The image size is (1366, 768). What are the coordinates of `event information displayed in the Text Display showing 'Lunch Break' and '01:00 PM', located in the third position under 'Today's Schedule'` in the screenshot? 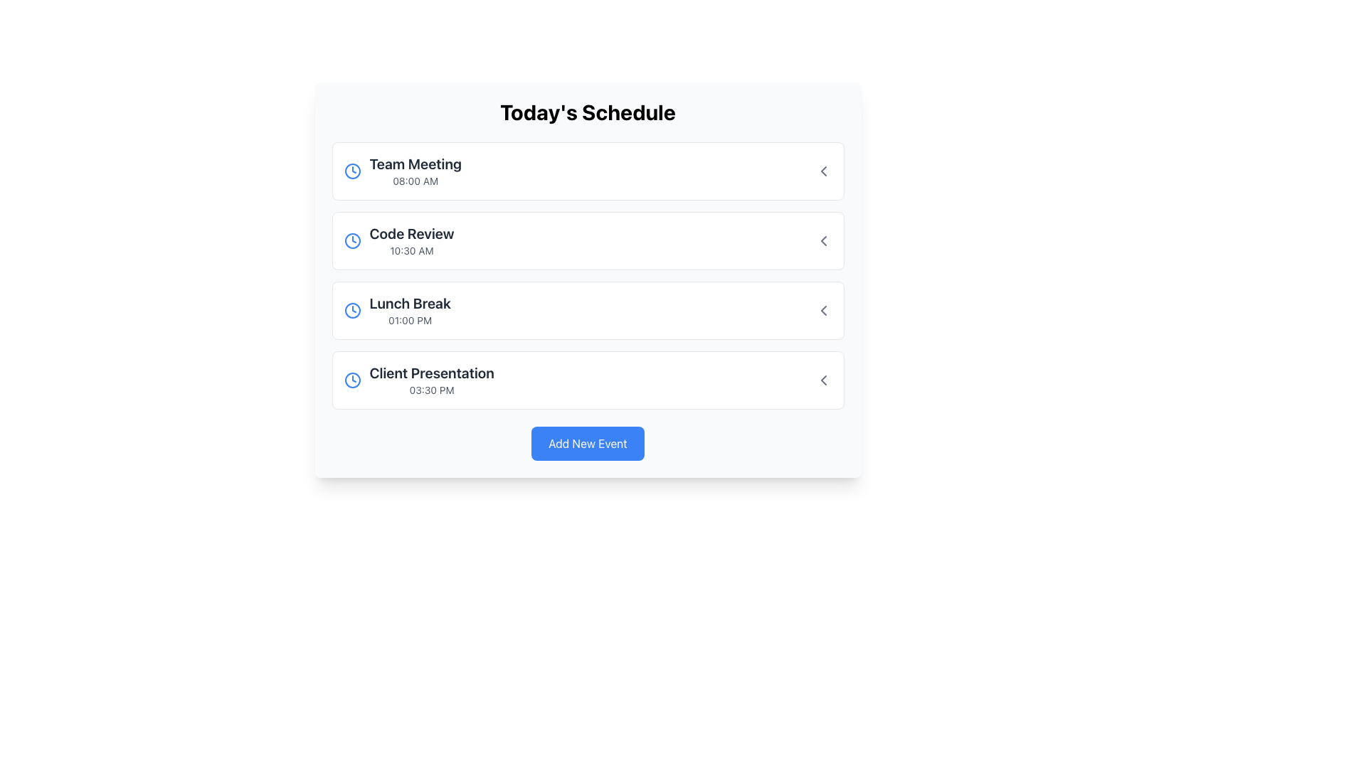 It's located at (397, 309).